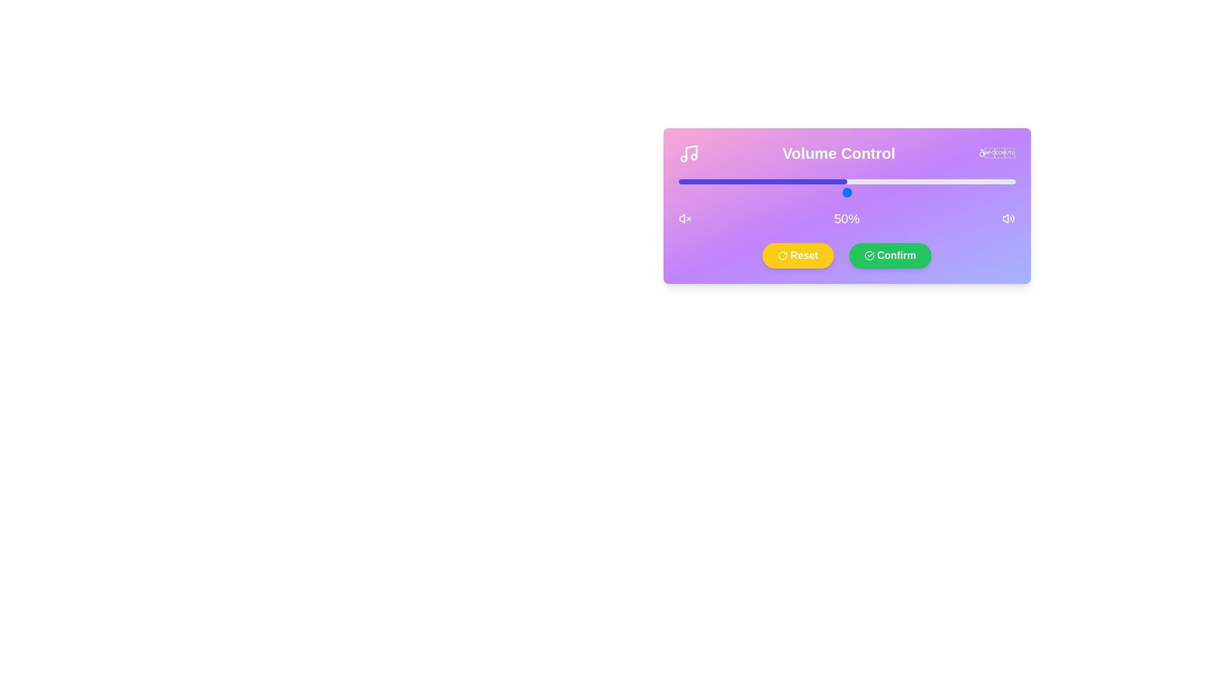  I want to click on the slider, so click(762, 192).